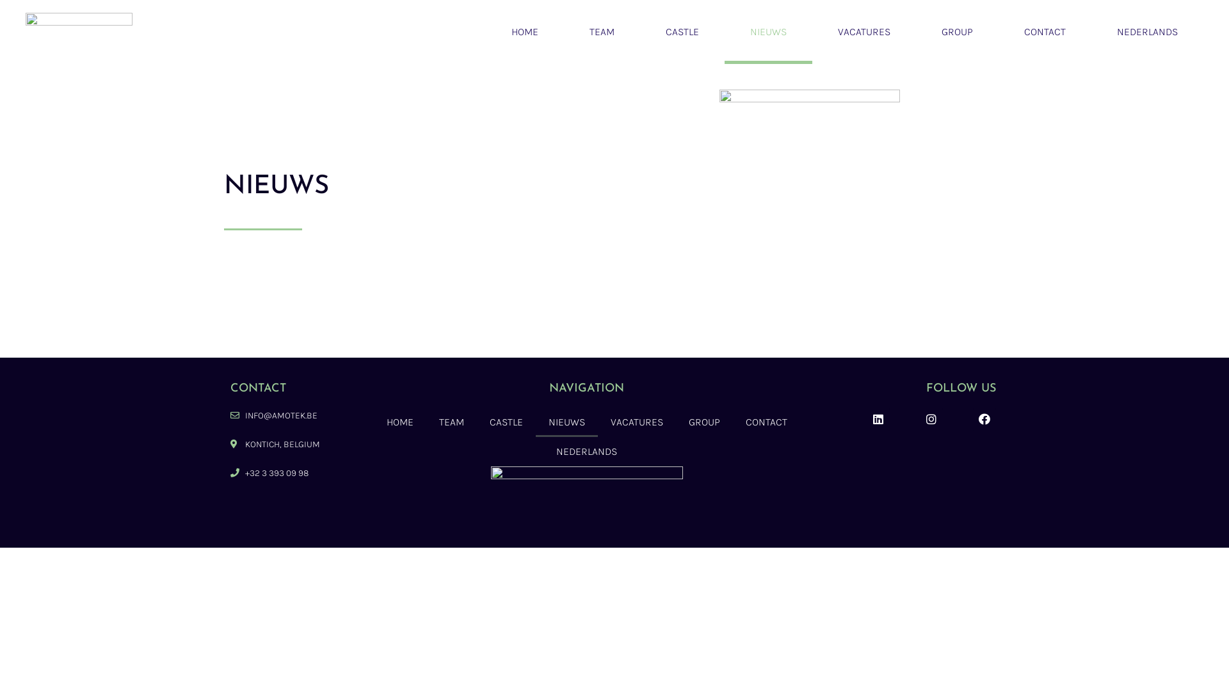 This screenshot has width=1229, height=691. What do you see at coordinates (566, 422) in the screenshot?
I see `'NIEUWS'` at bounding box center [566, 422].